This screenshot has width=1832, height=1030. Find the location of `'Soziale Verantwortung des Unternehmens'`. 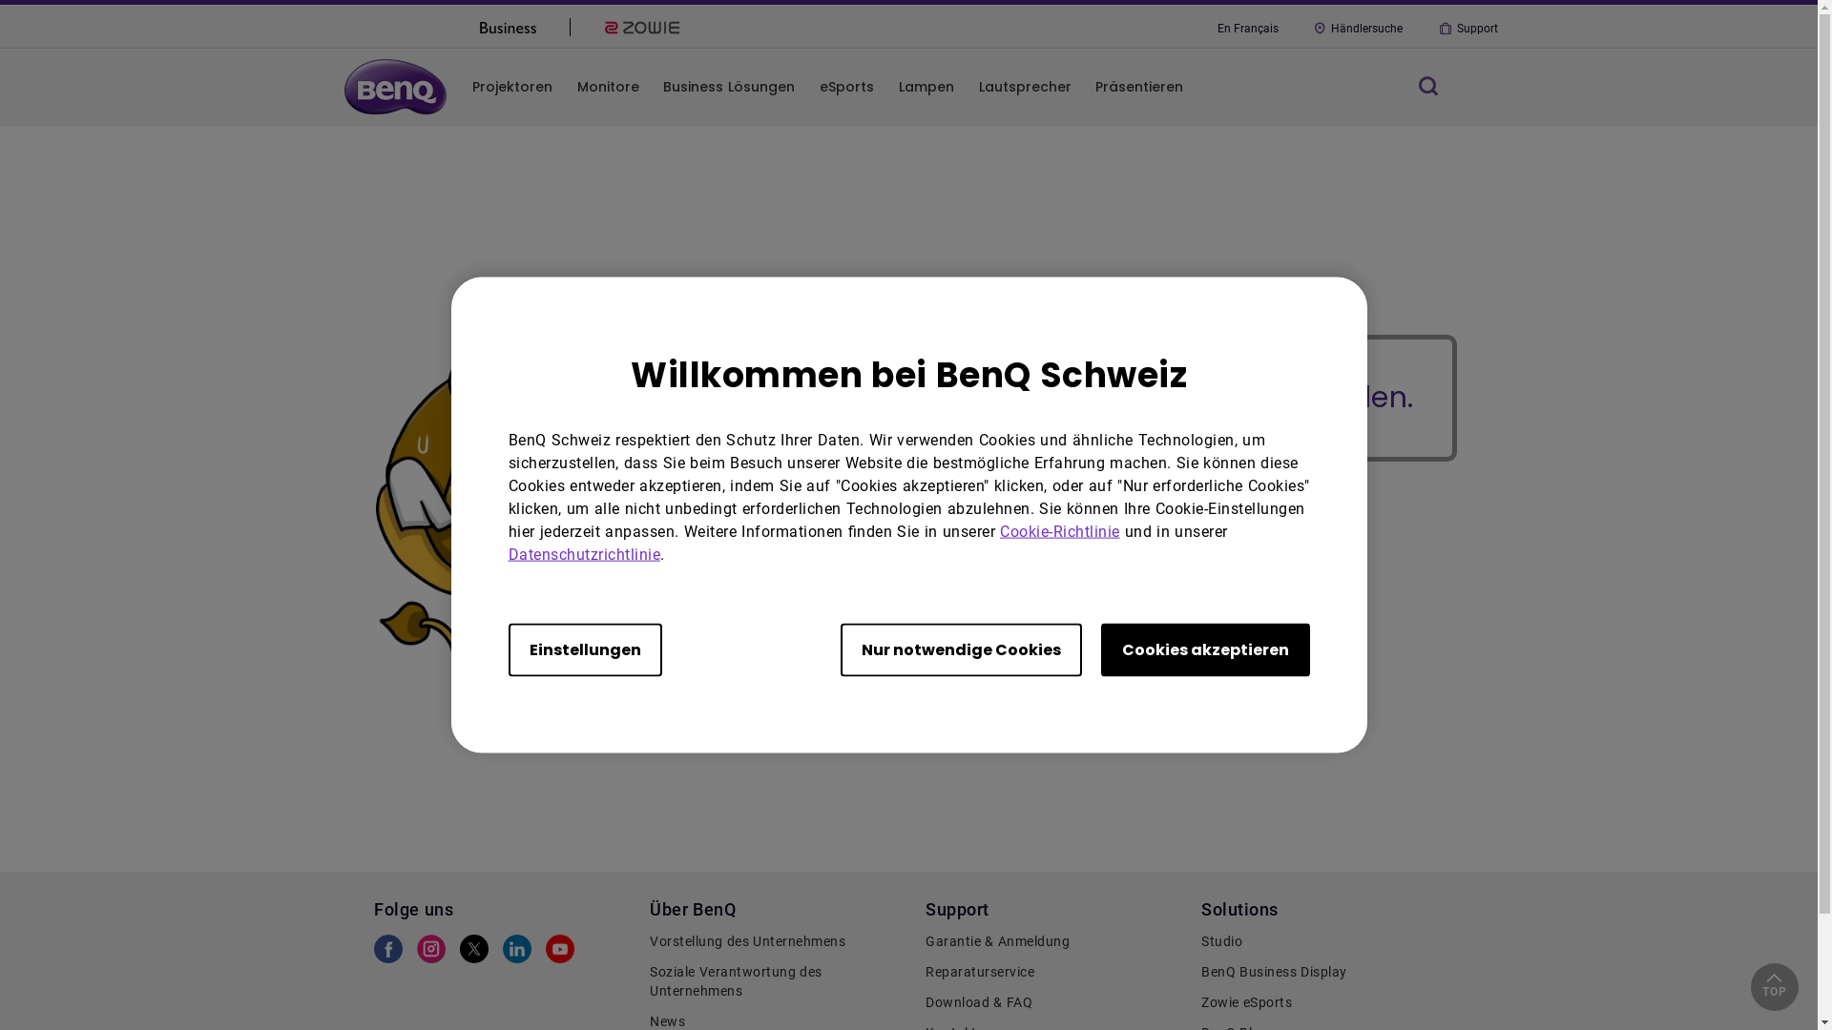

'Soziale Verantwortung des Unternehmens' is located at coordinates (778, 981).